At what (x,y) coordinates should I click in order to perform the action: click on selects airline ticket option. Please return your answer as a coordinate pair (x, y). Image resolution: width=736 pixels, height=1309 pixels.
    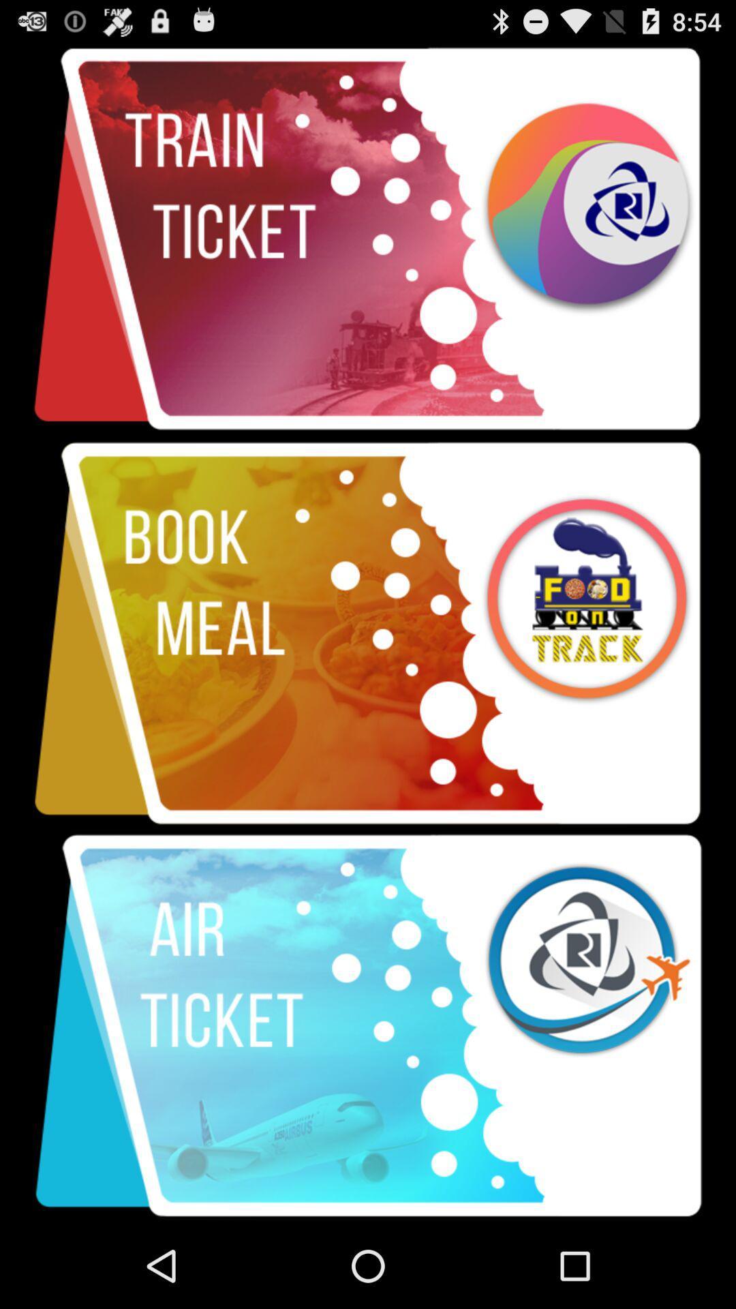
    Looking at the image, I should click on (368, 1026).